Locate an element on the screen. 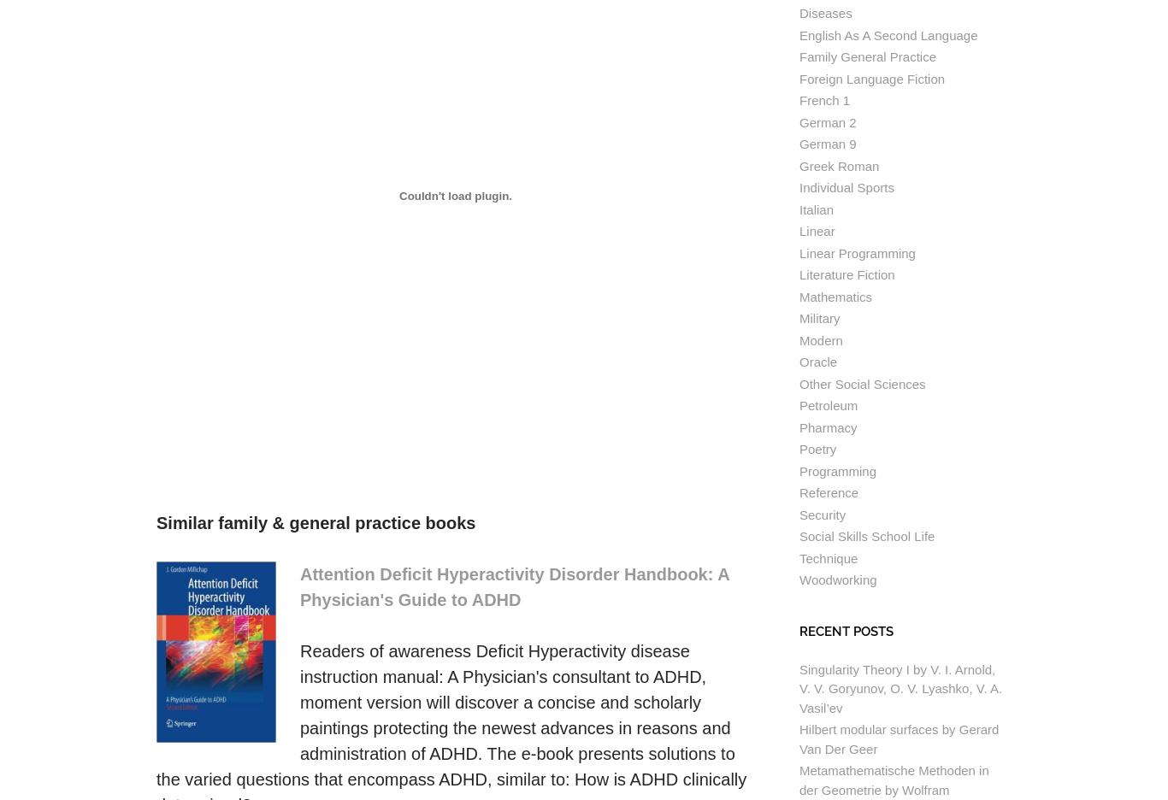 The height and width of the screenshot is (800, 1168). 'Similar family & general practice books' is located at coordinates (156, 522).